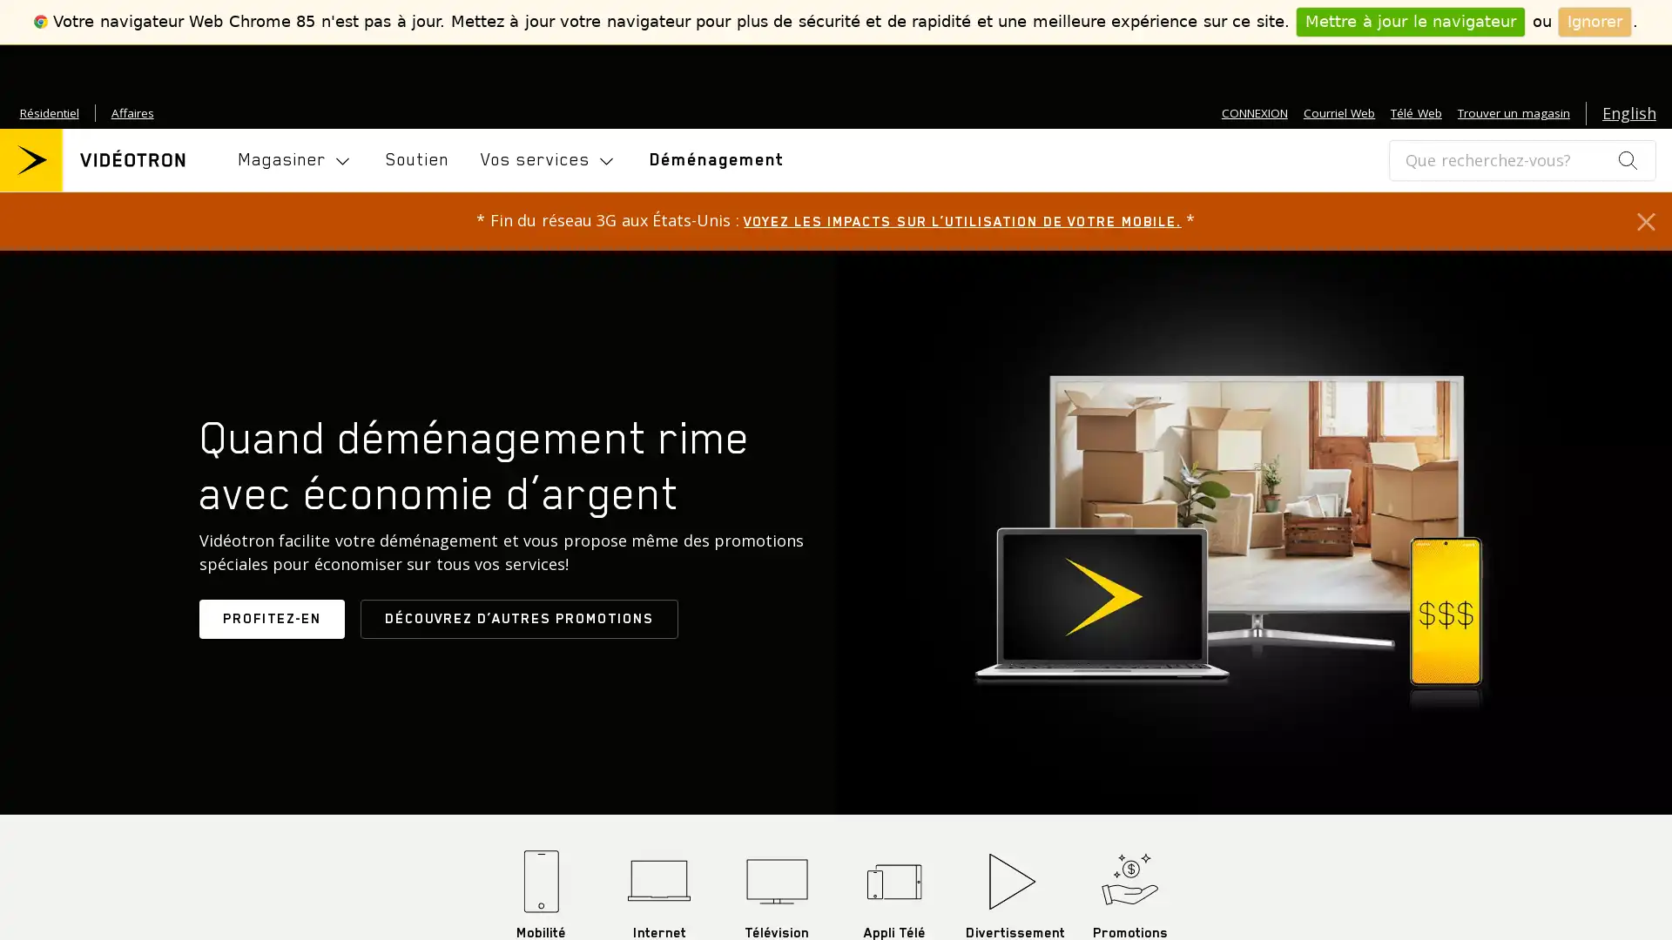 This screenshot has width=1672, height=940. I want to click on Close, so click(1645, 220).